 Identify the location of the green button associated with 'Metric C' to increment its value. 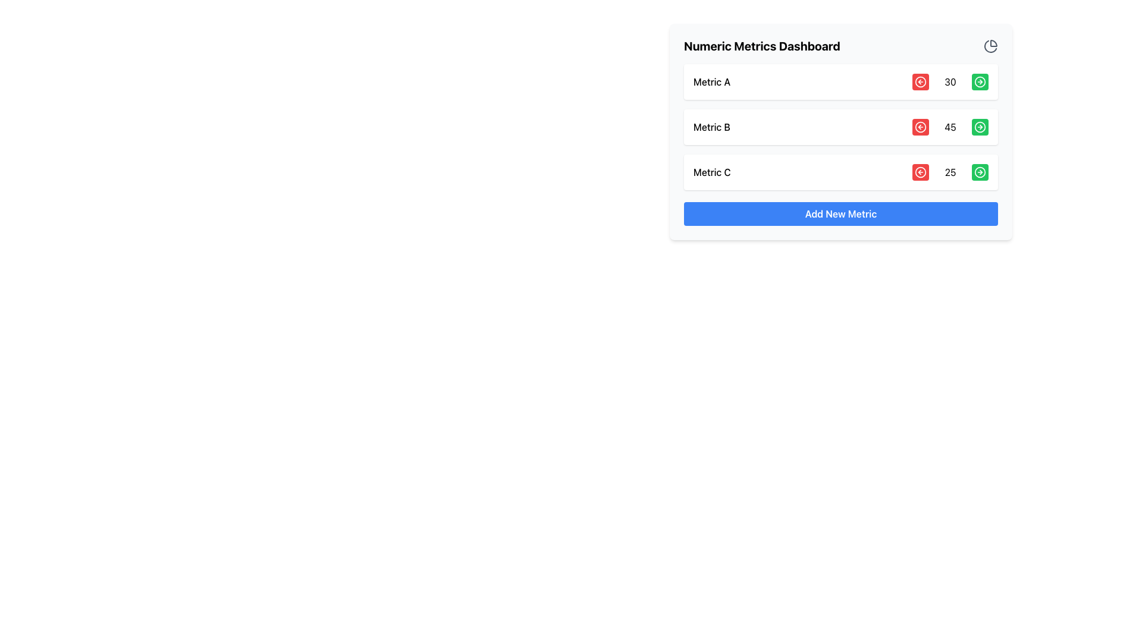
(840, 172).